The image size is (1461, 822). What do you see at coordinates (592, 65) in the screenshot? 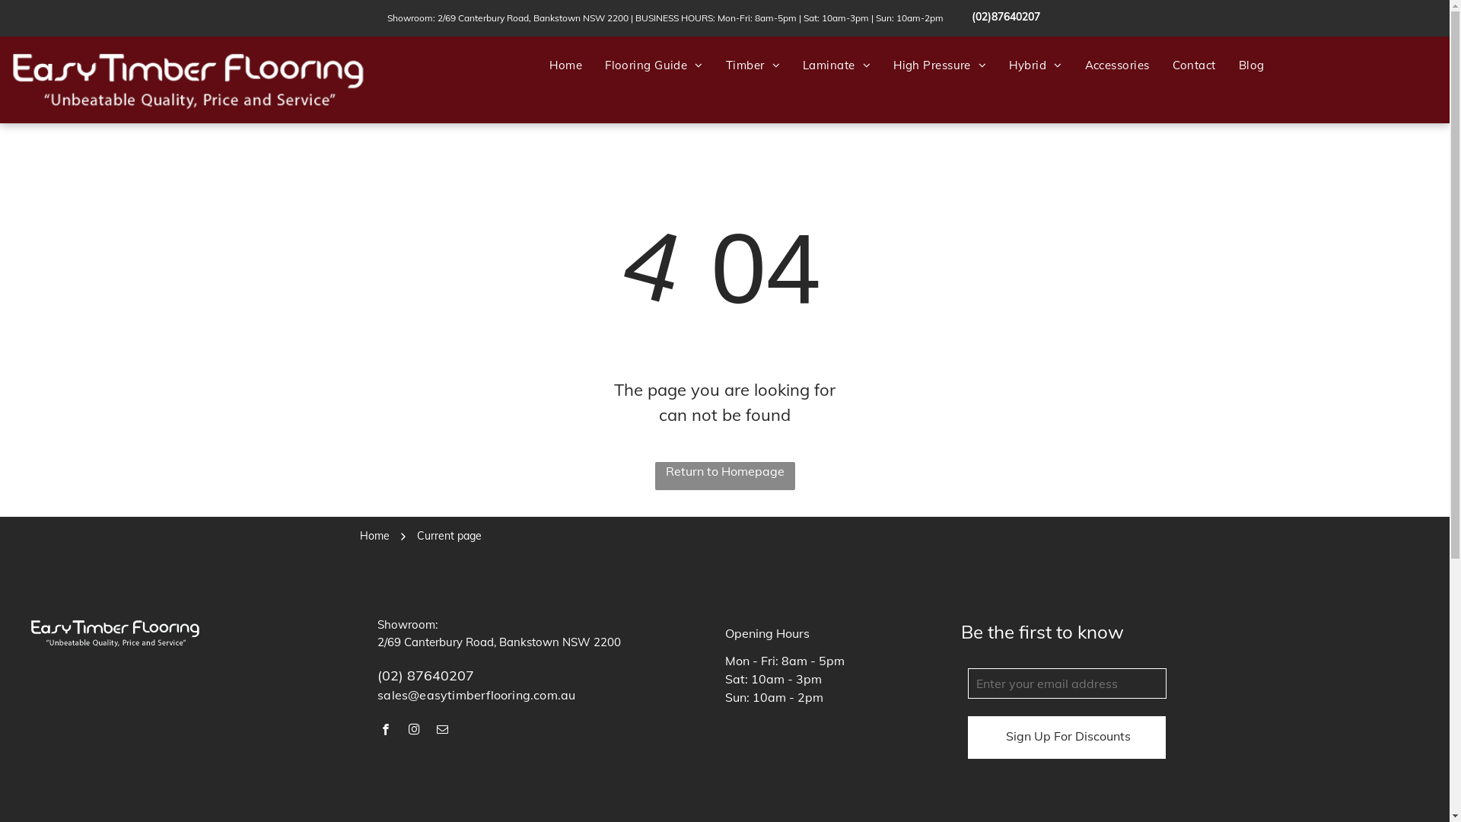
I see `'Flooring Guide'` at bounding box center [592, 65].